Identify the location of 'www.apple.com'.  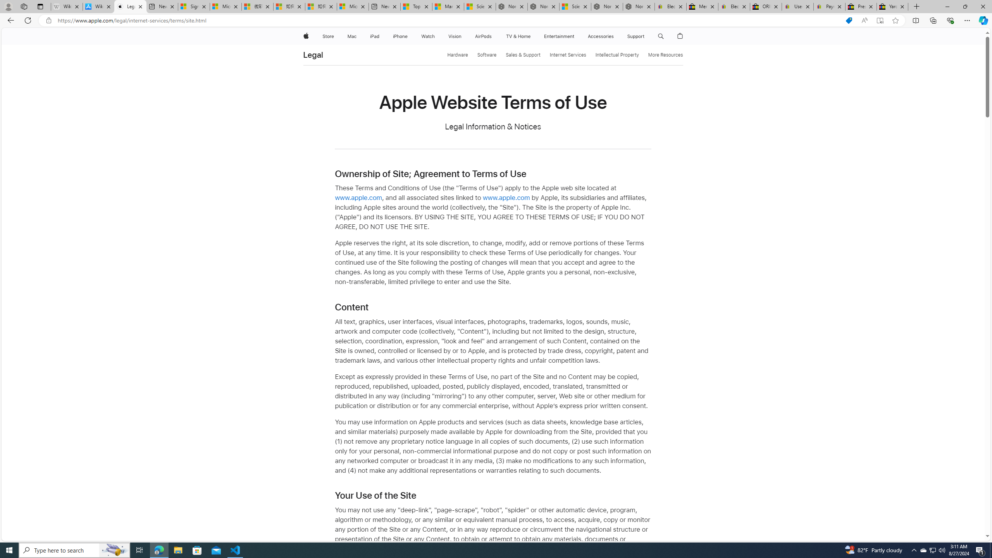
(505, 197).